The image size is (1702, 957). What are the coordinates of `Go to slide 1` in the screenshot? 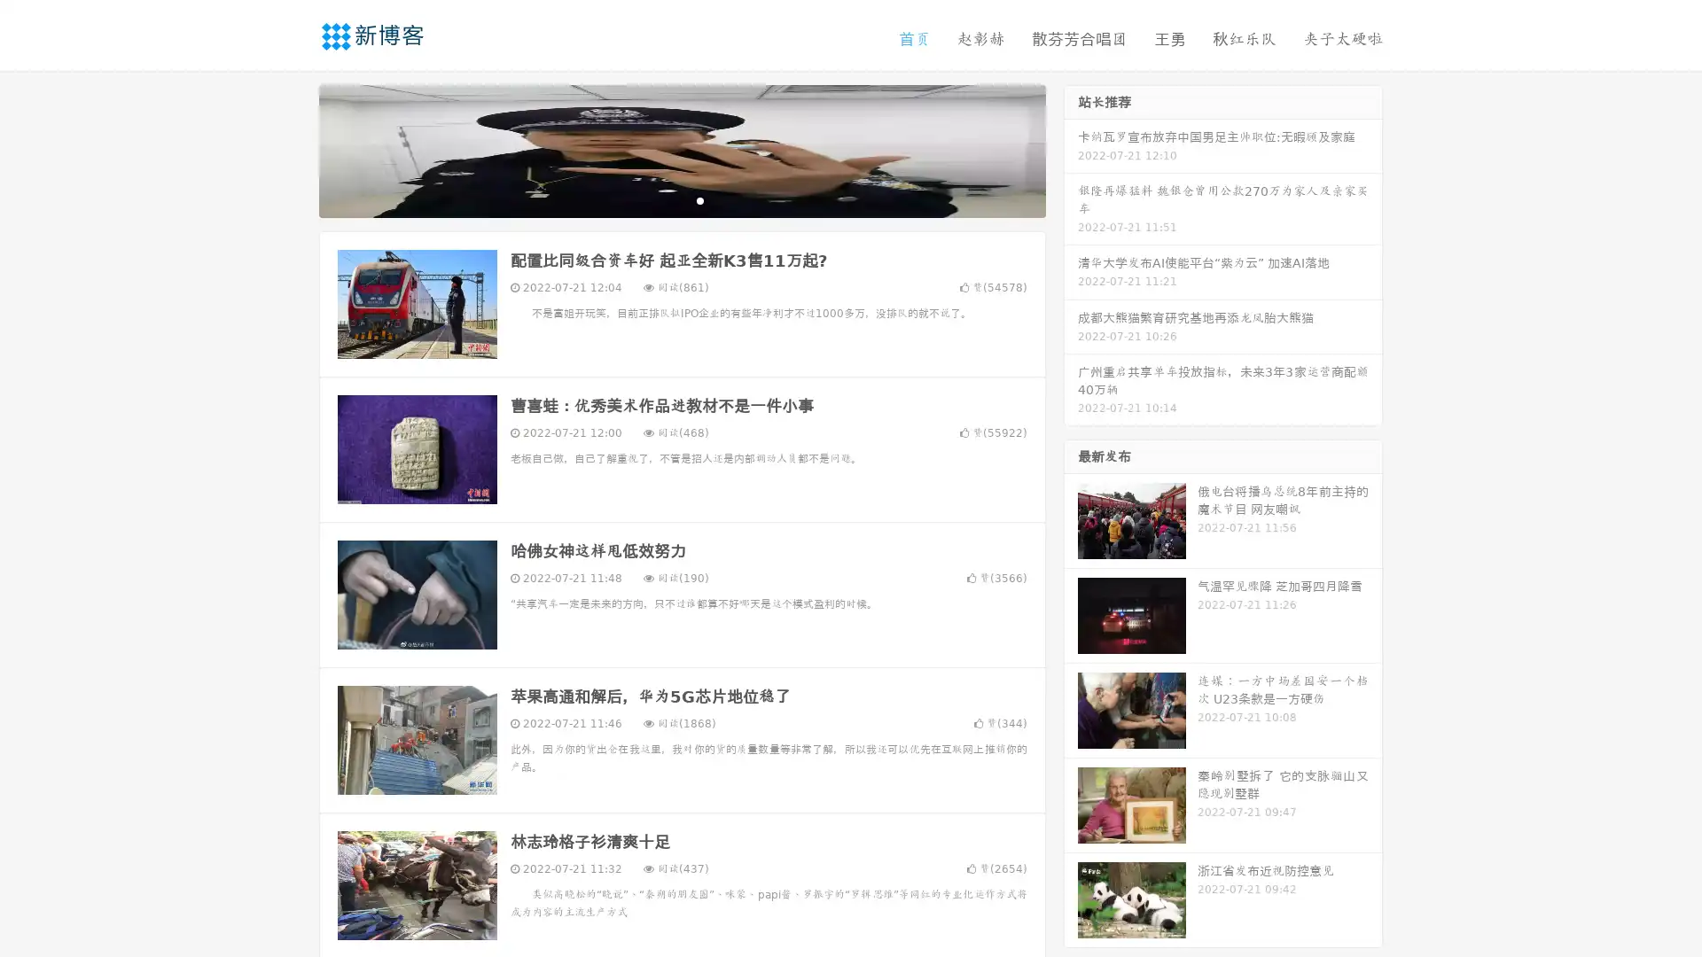 It's located at (663, 199).